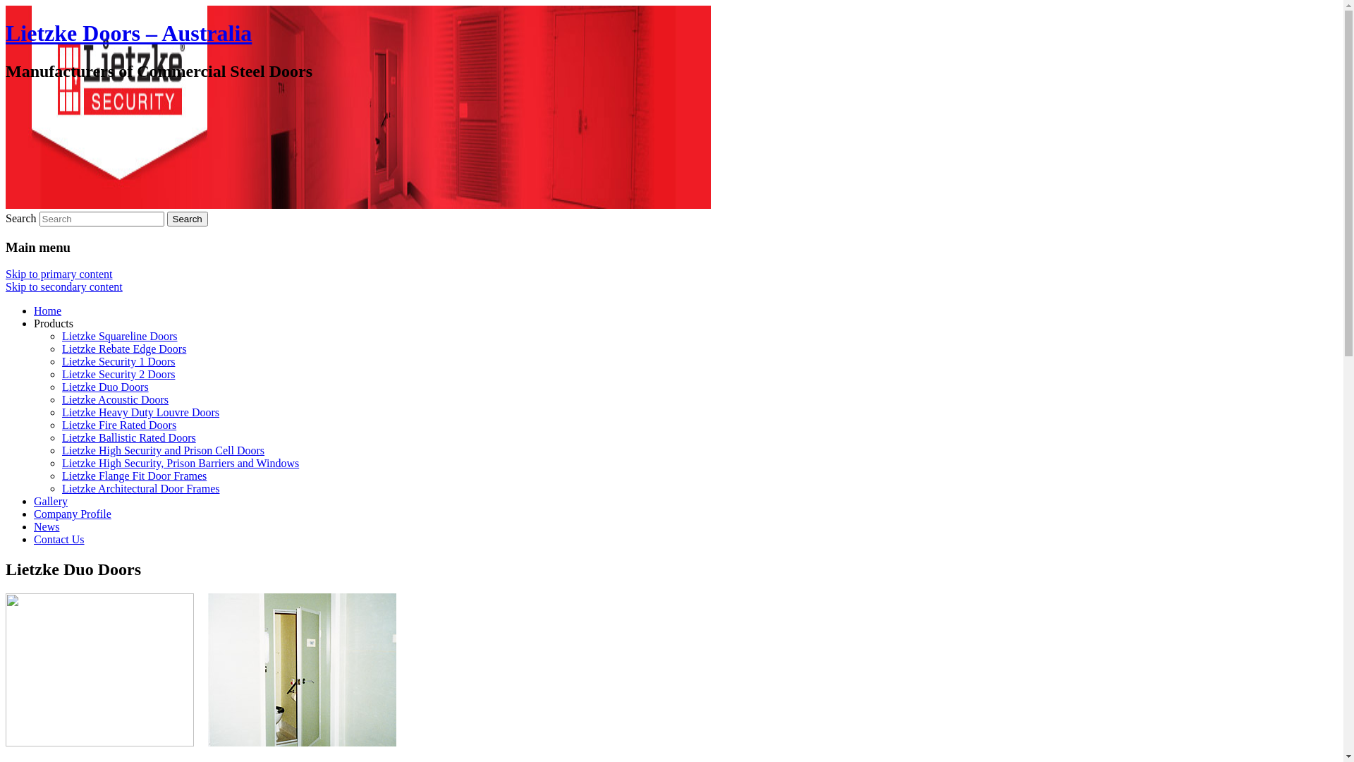 The image size is (1354, 762). Describe the element at coordinates (71, 514) in the screenshot. I see `'Company Profile'` at that location.